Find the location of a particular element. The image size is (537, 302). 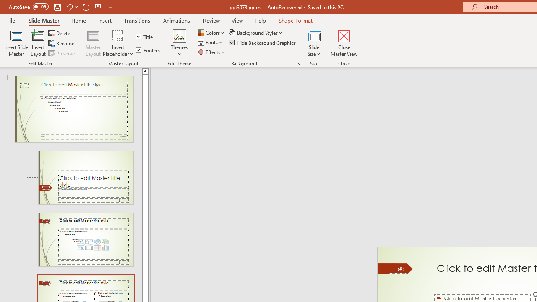

'Preserve' is located at coordinates (62, 53).